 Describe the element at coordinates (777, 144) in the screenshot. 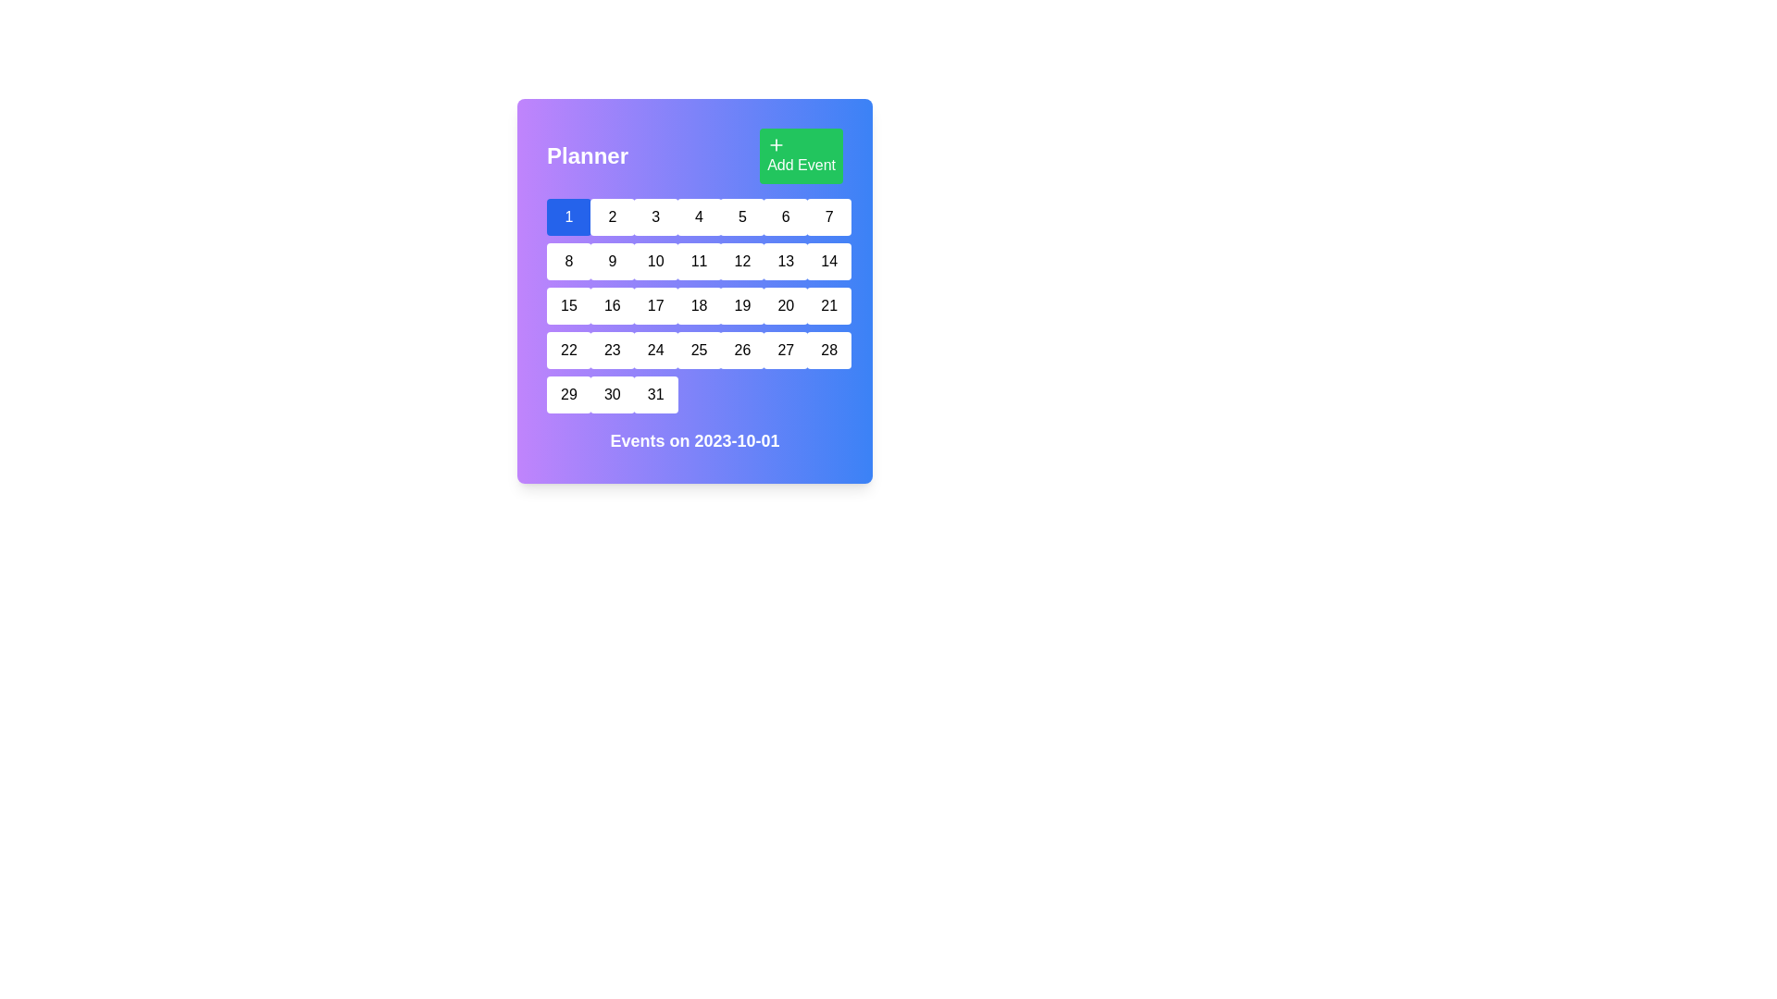

I see `the icon in the top-right corner of the 'Add Event' box` at that location.